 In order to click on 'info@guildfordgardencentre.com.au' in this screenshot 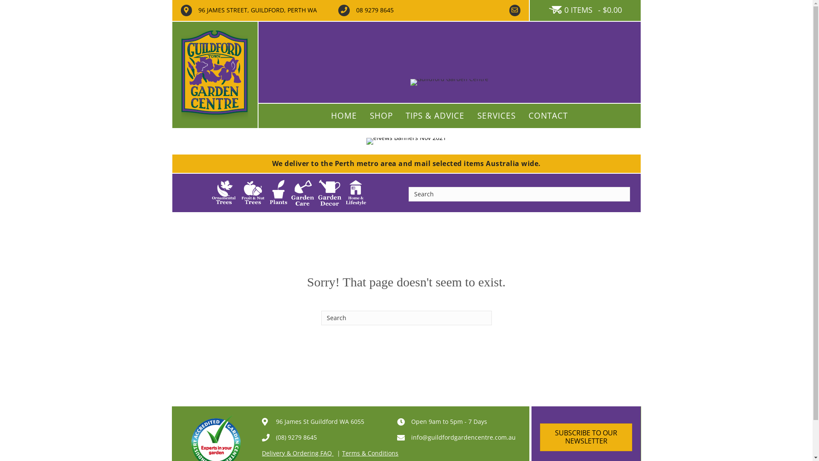, I will do `click(411, 438)`.